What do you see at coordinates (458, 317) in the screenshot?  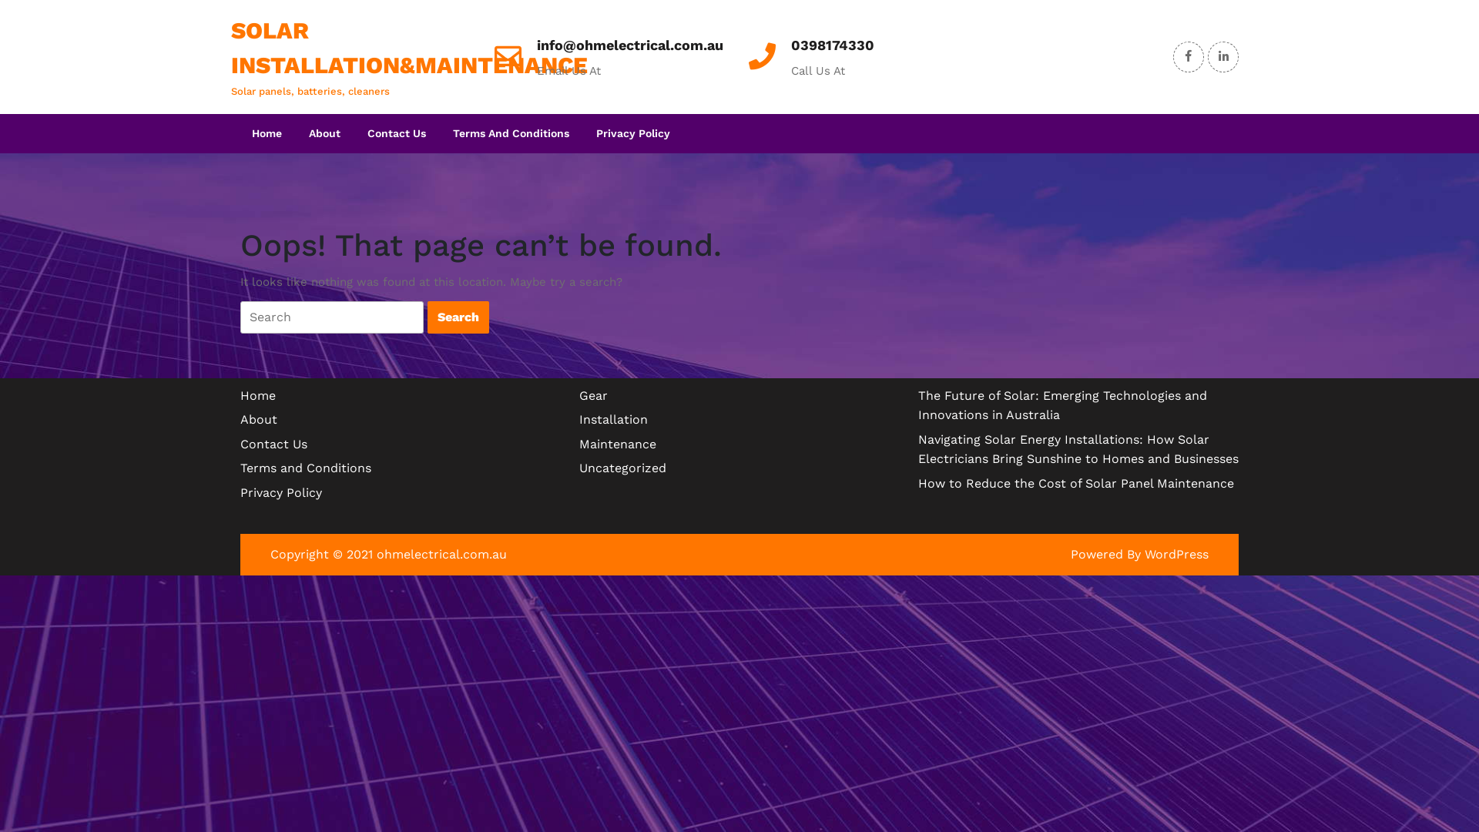 I see `'Search'` at bounding box center [458, 317].